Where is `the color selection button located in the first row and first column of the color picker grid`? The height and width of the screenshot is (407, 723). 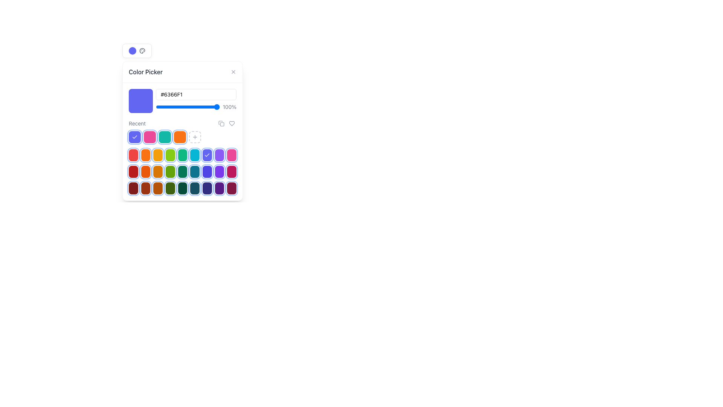
the color selection button located in the first row and first column of the color picker grid is located at coordinates (133, 188).